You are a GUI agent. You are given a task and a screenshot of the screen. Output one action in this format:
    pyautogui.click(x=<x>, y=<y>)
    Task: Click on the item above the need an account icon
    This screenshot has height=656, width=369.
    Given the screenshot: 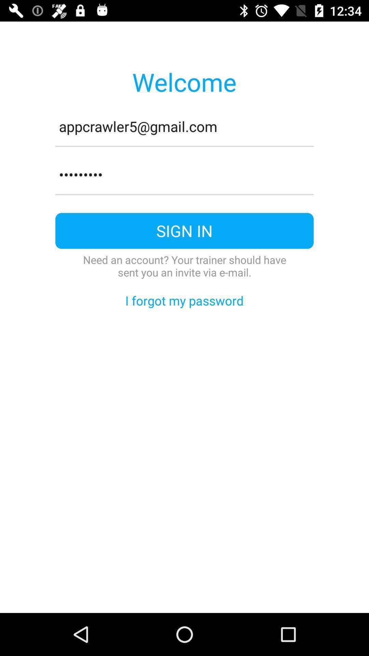 What is the action you would take?
    pyautogui.click(x=184, y=231)
    